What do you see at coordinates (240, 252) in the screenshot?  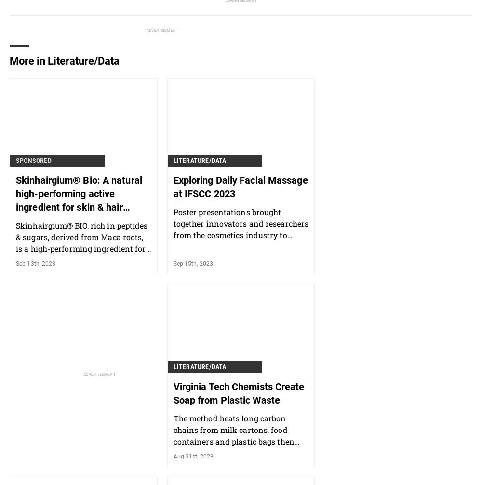 I see `'Poster presentations brought together innovators and researchers from the cosmetics industry to unveil first studies on the transformative effects of massage, and focused in this instance on improved skin concerns, sleep patterns and mental well-being.'` at bounding box center [240, 252].